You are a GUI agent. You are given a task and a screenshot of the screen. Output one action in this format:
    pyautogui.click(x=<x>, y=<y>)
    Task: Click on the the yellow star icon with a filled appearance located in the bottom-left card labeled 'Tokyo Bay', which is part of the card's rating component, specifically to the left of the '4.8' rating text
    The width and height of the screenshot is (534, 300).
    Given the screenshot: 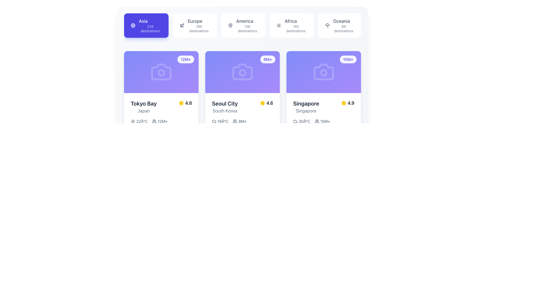 What is the action you would take?
    pyautogui.click(x=181, y=103)
    